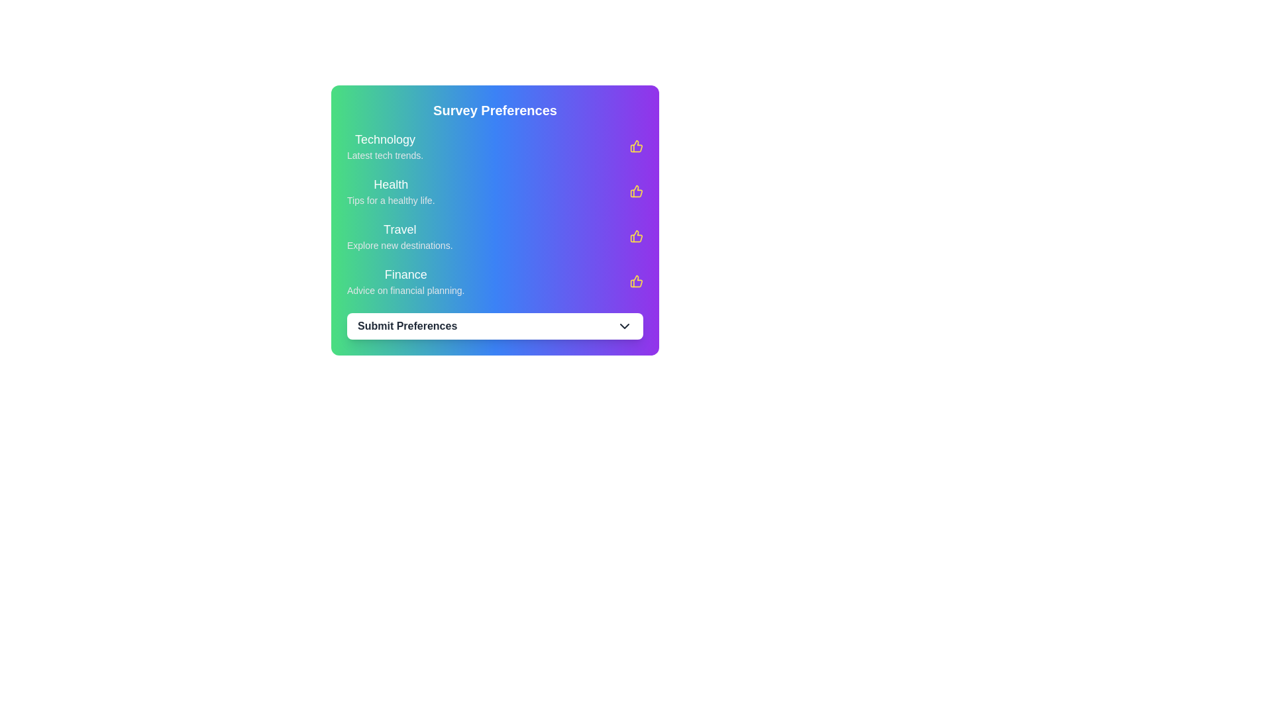  Describe the element at coordinates (636, 191) in the screenshot. I see `the second thumbs-up icon with a yellow outline located under the 'Health' category` at that location.